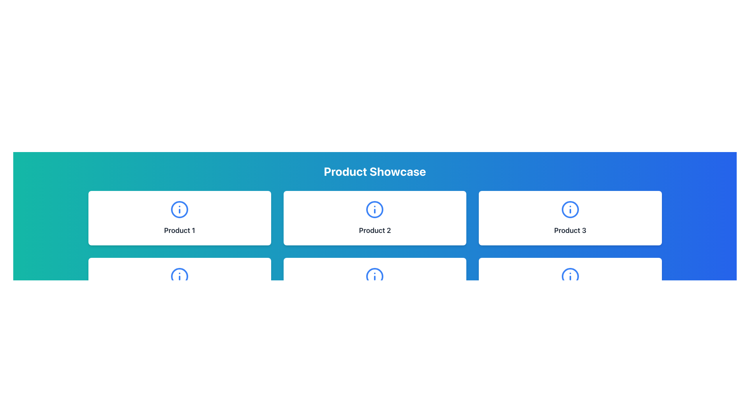  Describe the element at coordinates (570, 209) in the screenshot. I see `the informational icon represented as a circular icon with a blue border and an 'i' symbol at its center, located within the 'Product 3' card` at that location.